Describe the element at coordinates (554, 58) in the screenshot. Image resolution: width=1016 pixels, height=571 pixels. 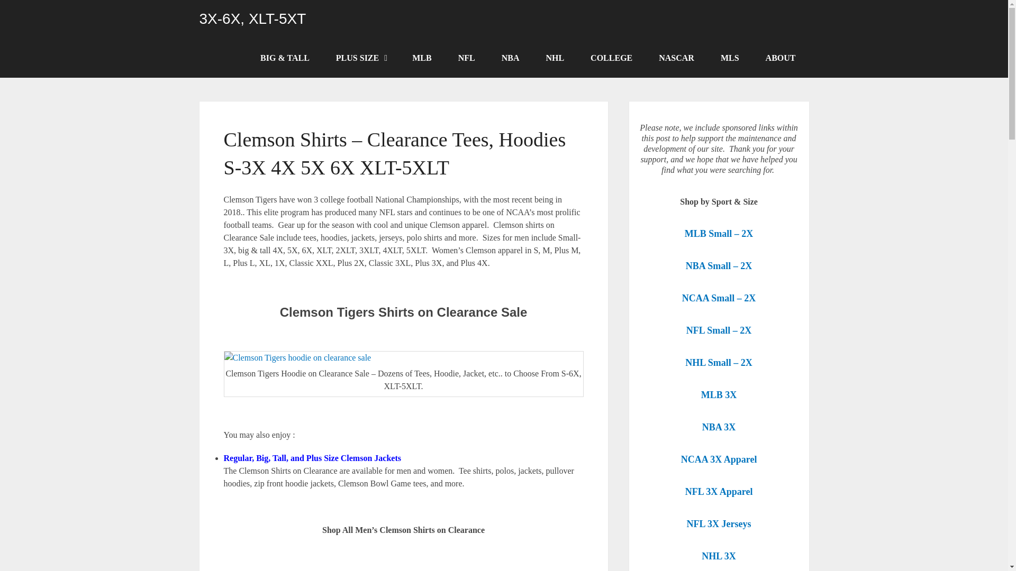
I see `'NHL'` at that location.